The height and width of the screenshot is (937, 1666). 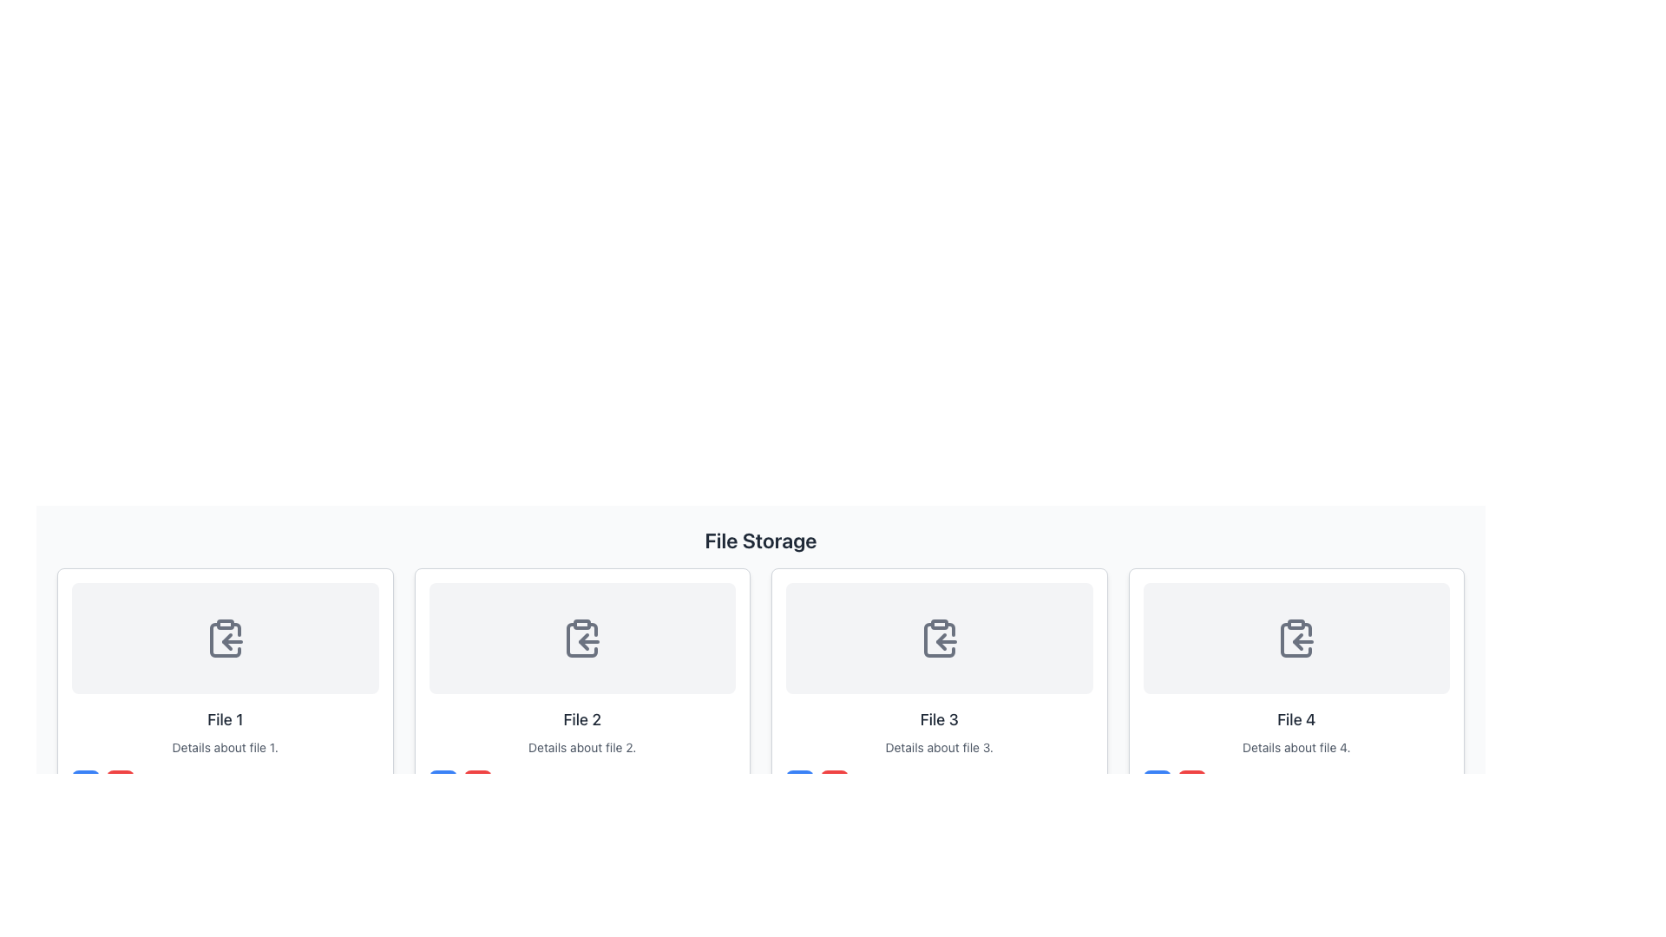 What do you see at coordinates (938, 719) in the screenshot?
I see `the heading text label 'File 3' which is styled with a bold font in dark gray, located inside the card for File 3, positioned centrally under the 'File Storage' header` at bounding box center [938, 719].